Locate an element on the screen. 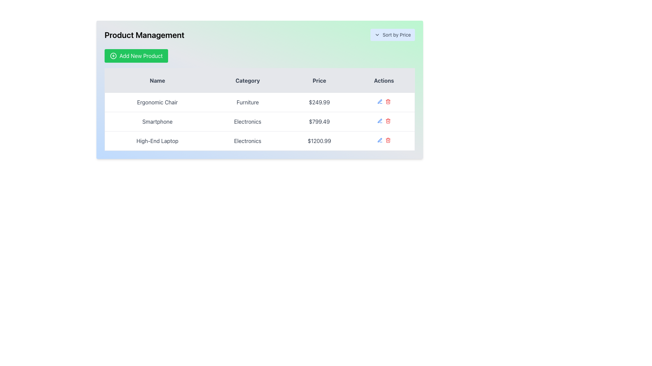 This screenshot has height=366, width=652. the 'Name' text label in the table header, which indicates the first column for descriptive names in the 'Product Management' section is located at coordinates (157, 80).